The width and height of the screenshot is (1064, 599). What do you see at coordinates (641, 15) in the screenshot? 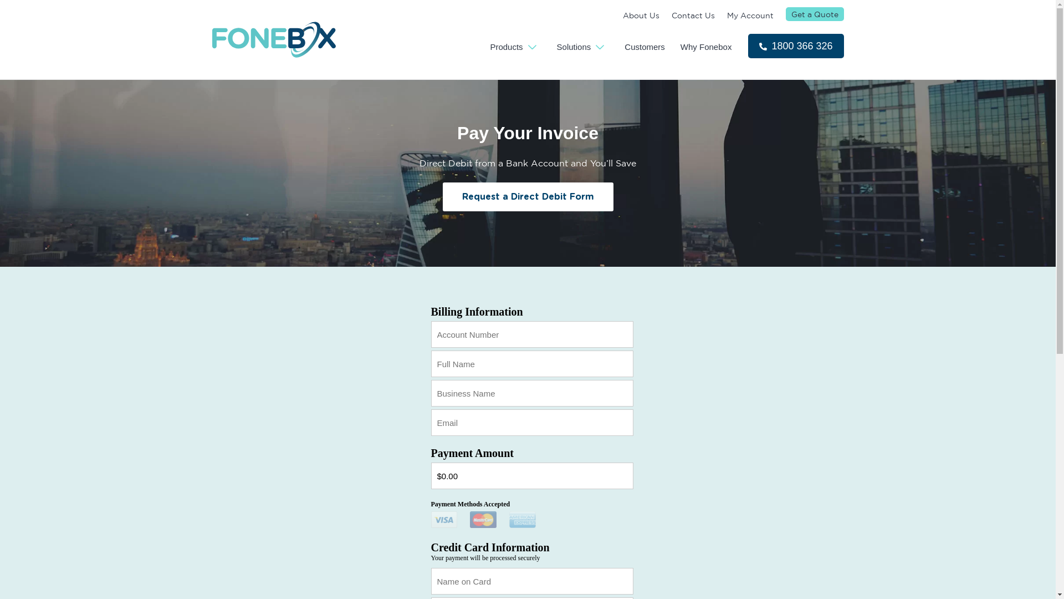
I see `'About Us'` at bounding box center [641, 15].